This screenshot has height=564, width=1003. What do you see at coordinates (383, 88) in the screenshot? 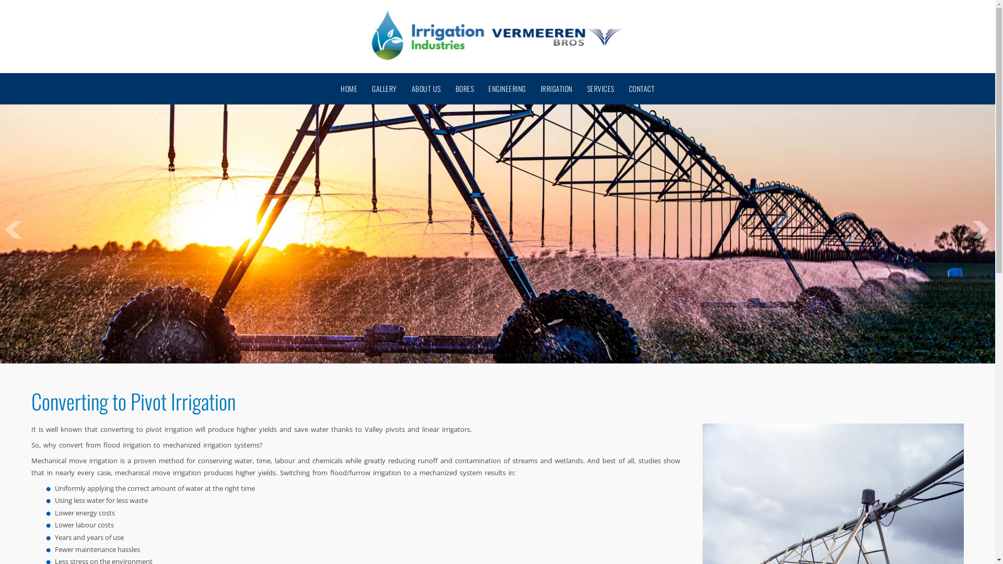
I see `'GALLERY'` at bounding box center [383, 88].